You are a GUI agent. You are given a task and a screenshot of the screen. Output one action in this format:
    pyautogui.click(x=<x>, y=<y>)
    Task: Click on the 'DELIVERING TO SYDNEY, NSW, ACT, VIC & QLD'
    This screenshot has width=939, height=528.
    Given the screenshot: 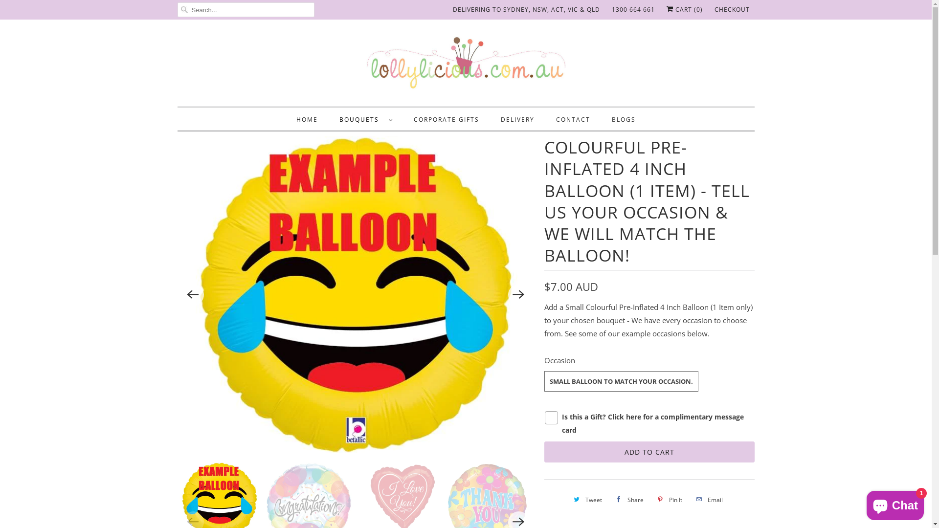 What is the action you would take?
    pyautogui.click(x=526, y=9)
    